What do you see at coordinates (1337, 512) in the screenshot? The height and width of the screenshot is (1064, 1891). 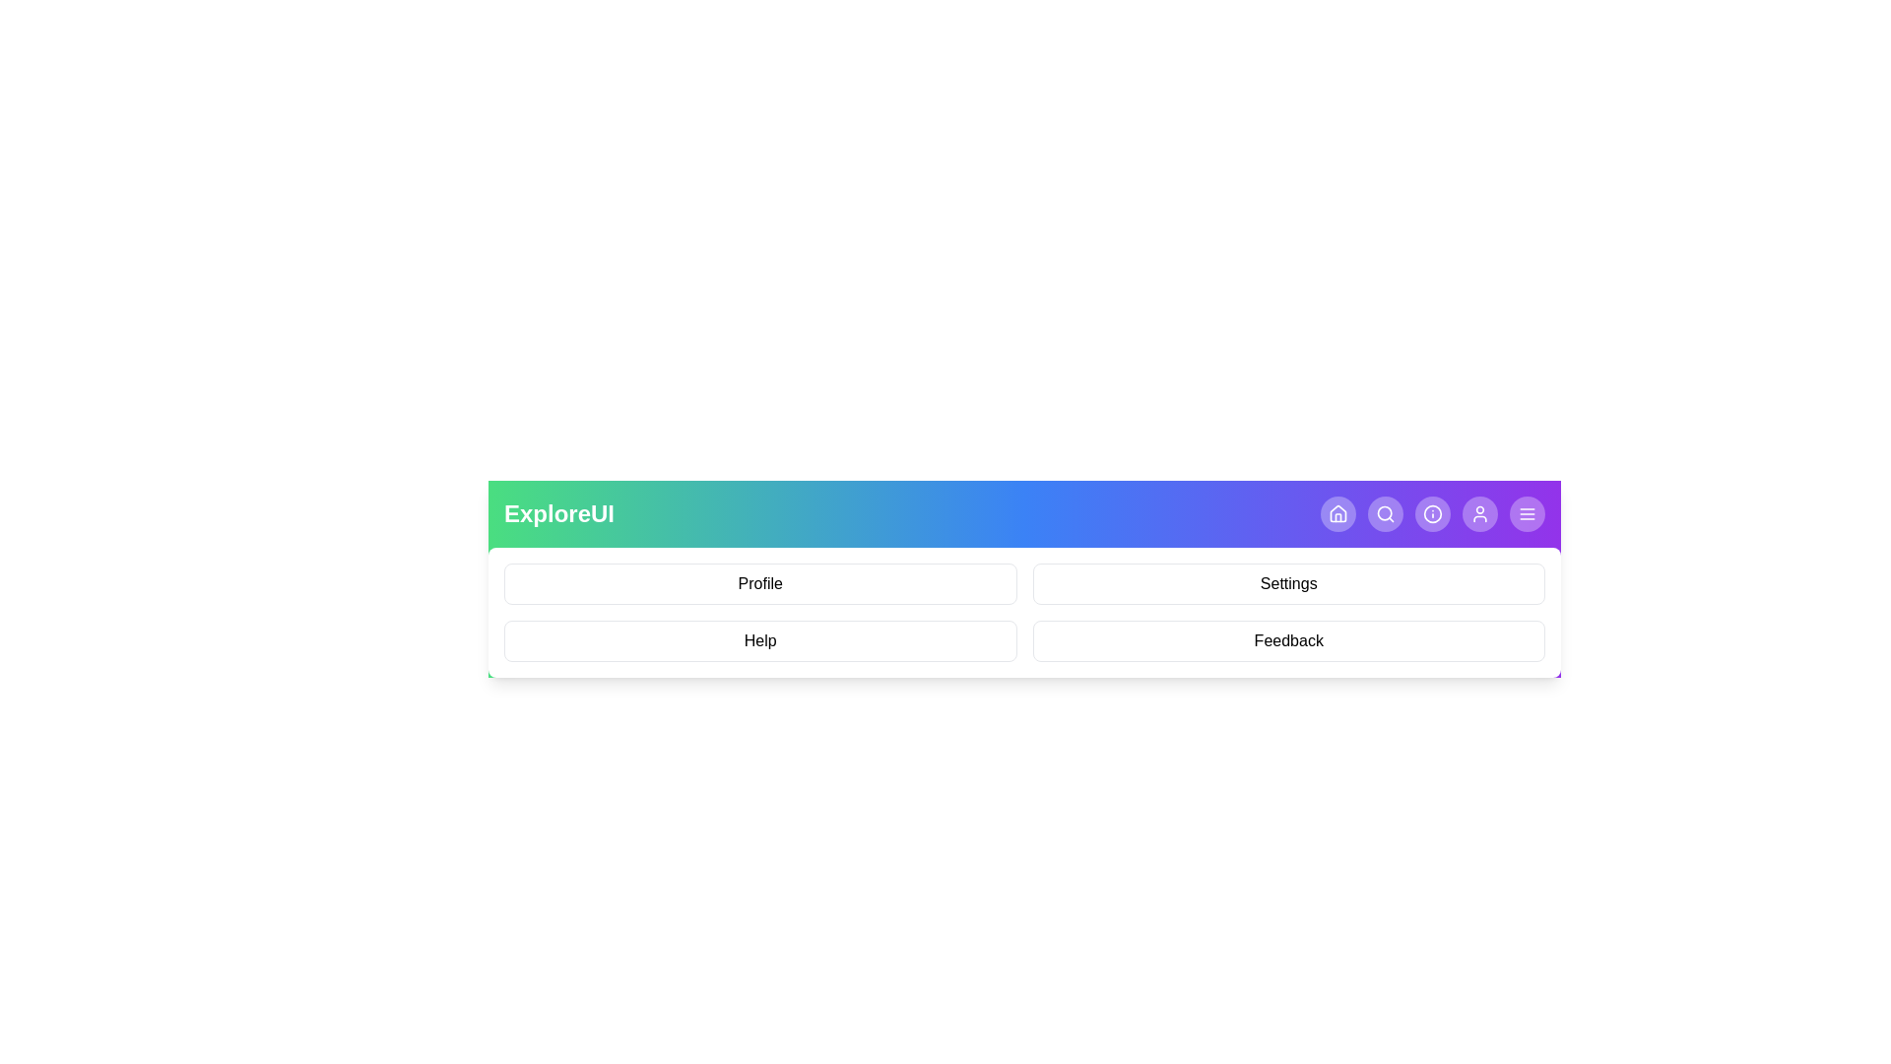 I see `the Home navigation button in the app bar` at bounding box center [1337, 512].